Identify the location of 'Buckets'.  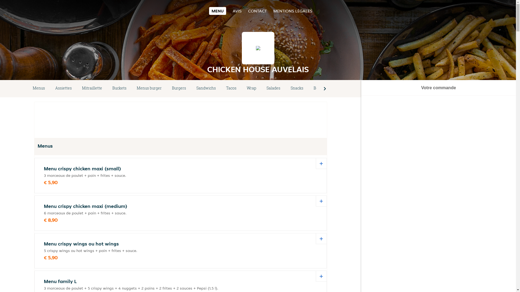
(119, 88).